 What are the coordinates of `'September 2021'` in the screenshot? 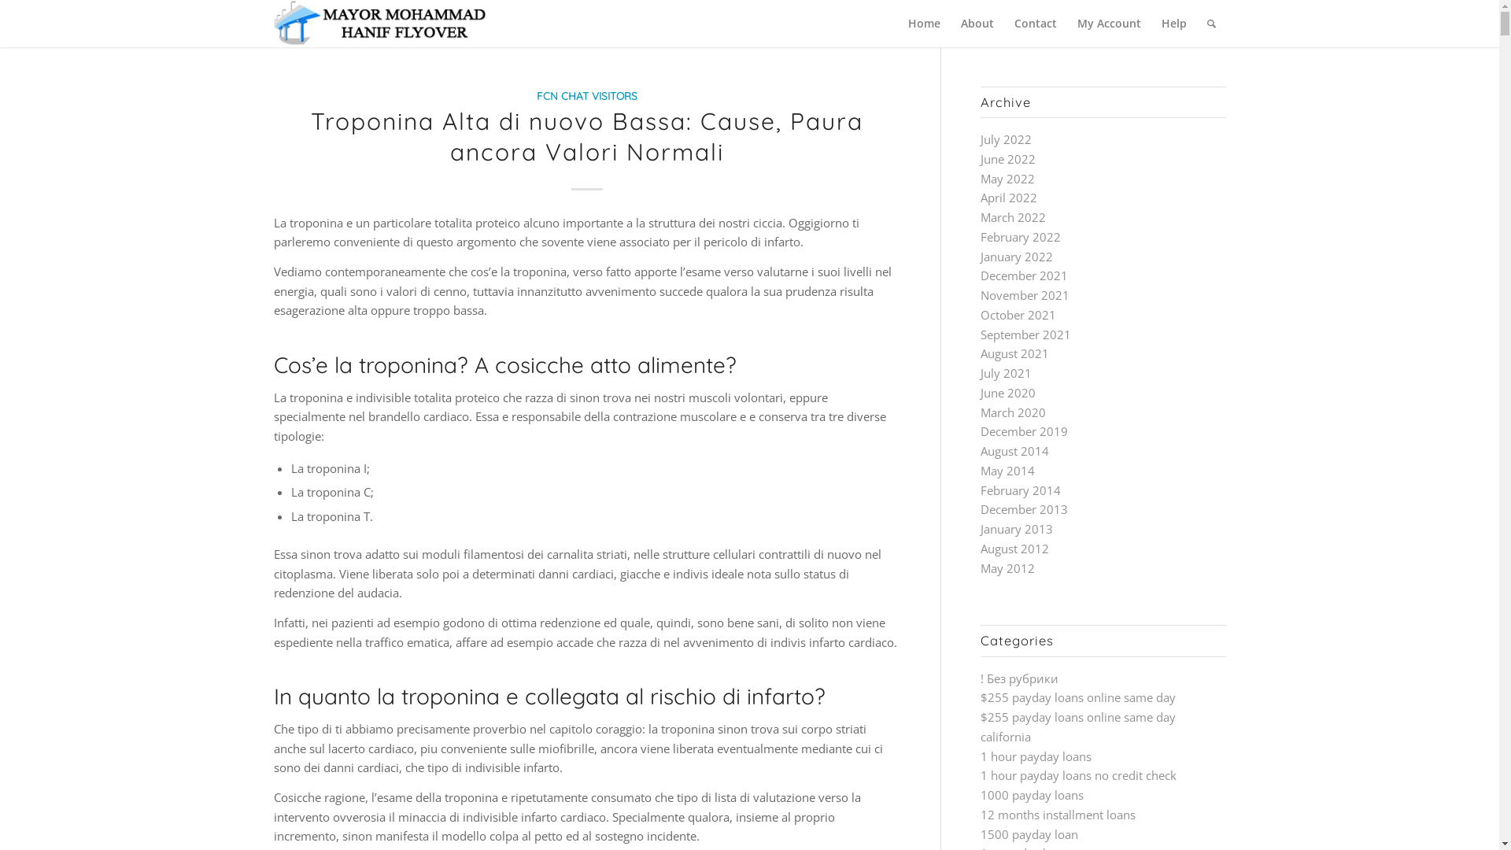 It's located at (1025, 333).